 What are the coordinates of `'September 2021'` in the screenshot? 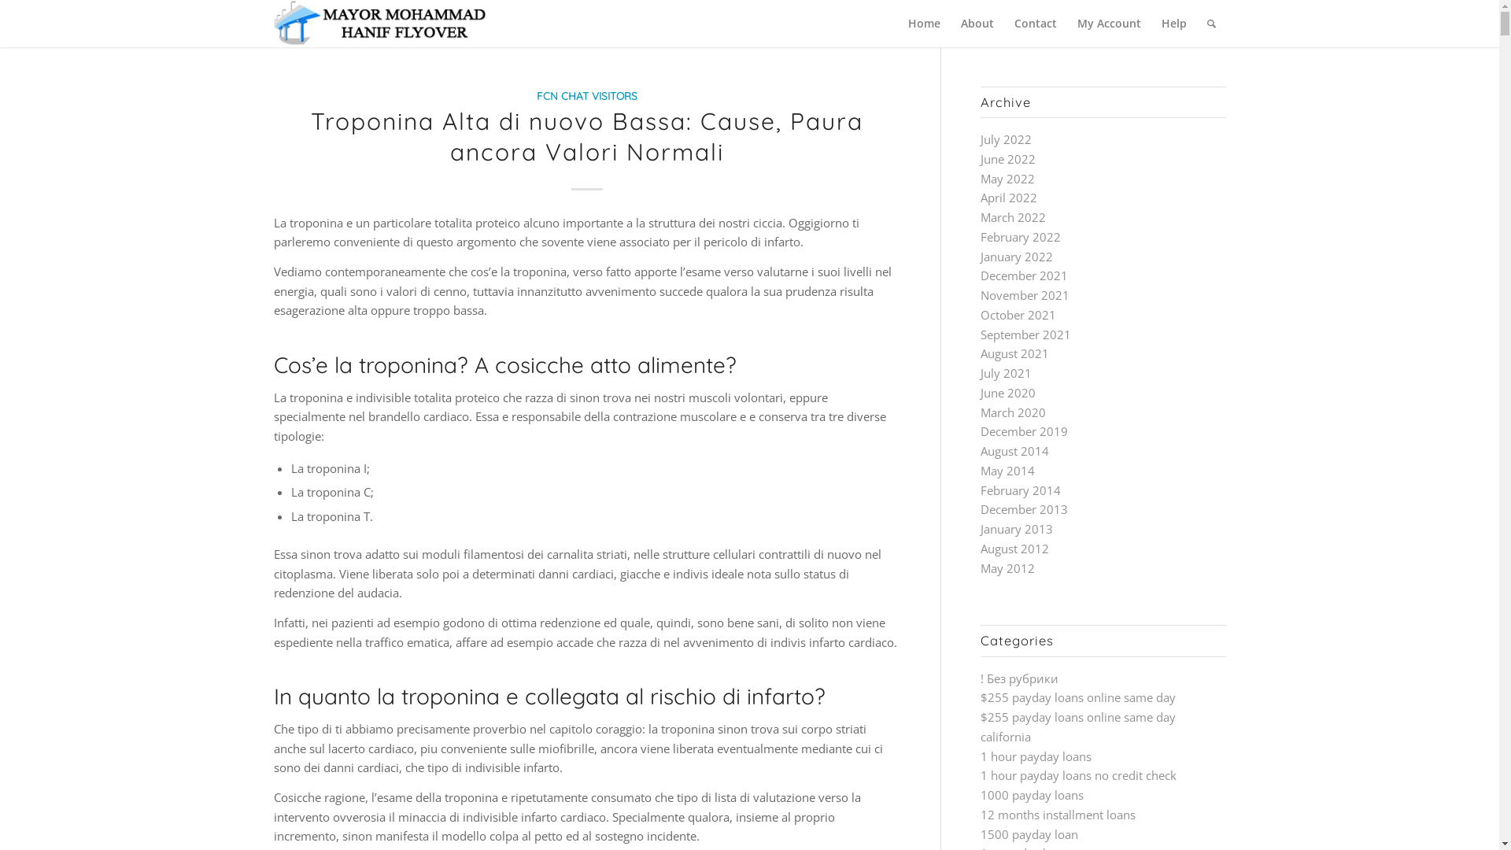 It's located at (1025, 333).